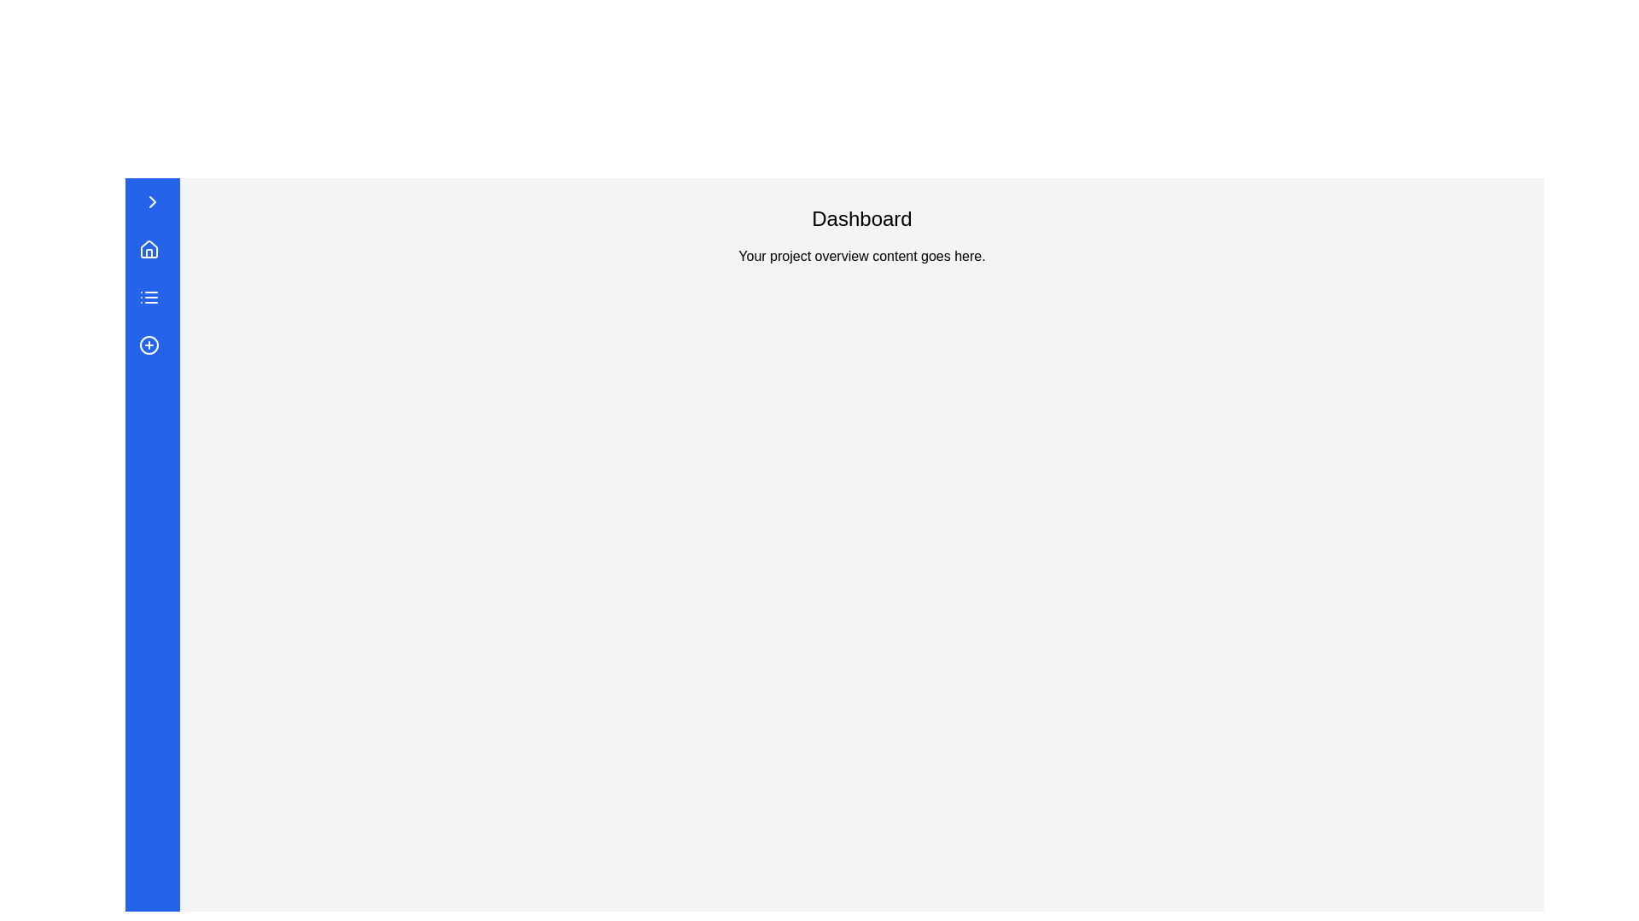 The image size is (1639, 921). What do you see at coordinates (152, 200) in the screenshot?
I see `the arrow button to toggle the drawer` at bounding box center [152, 200].